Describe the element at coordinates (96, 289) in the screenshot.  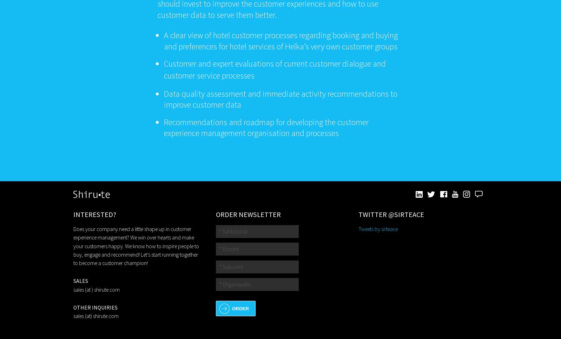
I see `'sales (at ) shirute.com'` at that location.